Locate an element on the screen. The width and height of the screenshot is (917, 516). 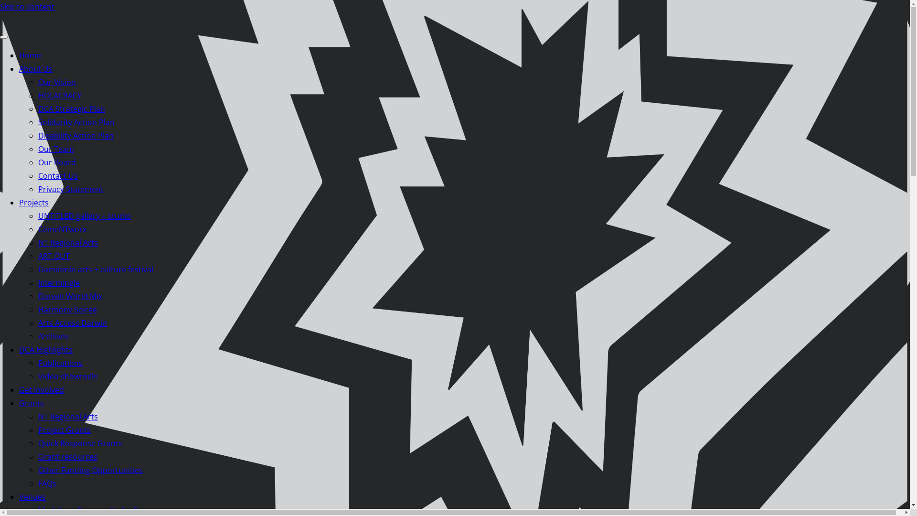
'Grant resources' is located at coordinates (38, 456).